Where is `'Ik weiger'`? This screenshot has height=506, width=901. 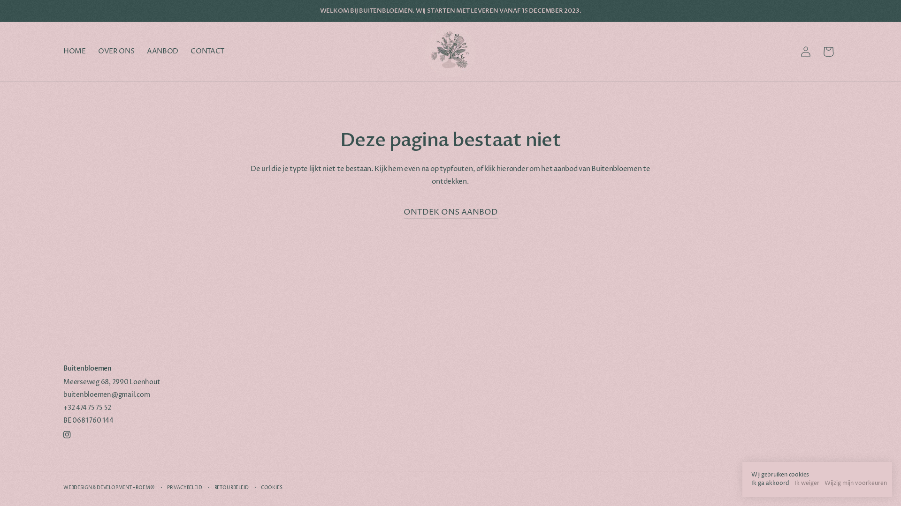 'Ik weiger' is located at coordinates (806, 484).